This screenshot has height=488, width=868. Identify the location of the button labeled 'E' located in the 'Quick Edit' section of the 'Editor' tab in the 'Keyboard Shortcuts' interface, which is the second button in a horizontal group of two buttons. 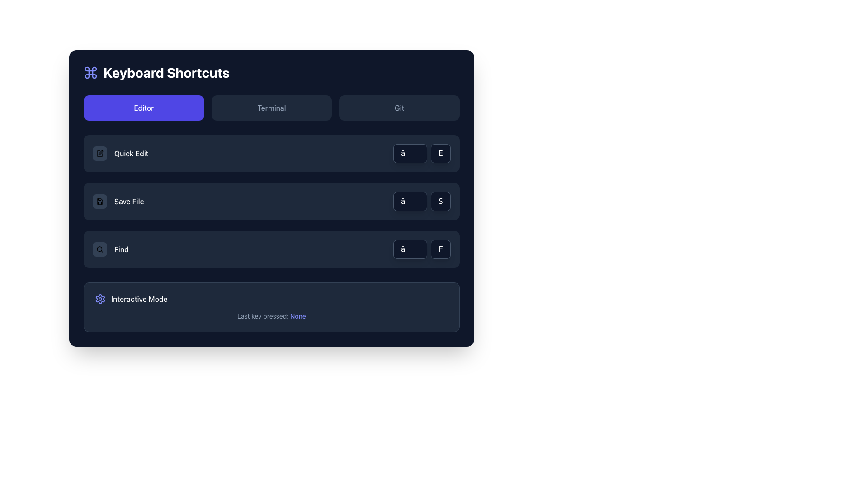
(441, 153).